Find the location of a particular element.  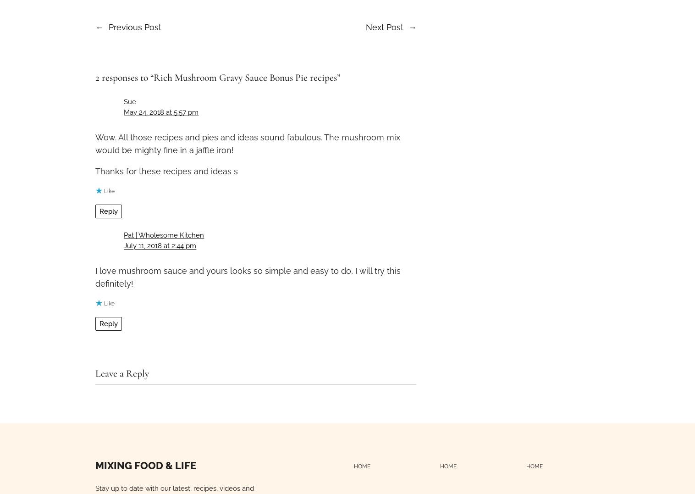

'I love mushroom sauce and yours looks so simple and easy to do, I will try this definitely!' is located at coordinates (248, 277).